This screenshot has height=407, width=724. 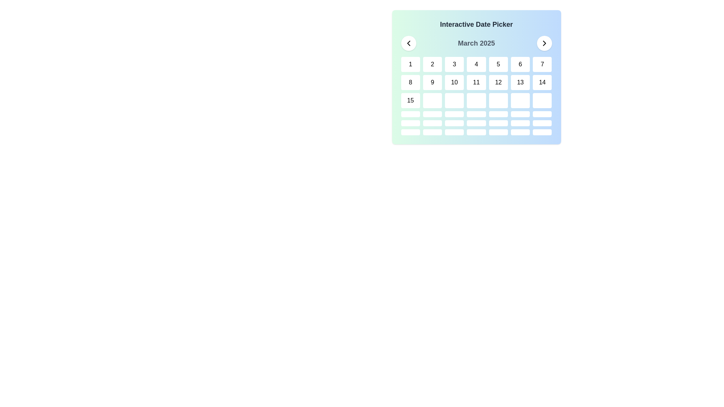 What do you see at coordinates (410, 123) in the screenshot?
I see `the white rounded corner button located in the 5th row and 1st column of the grid in the 'Interactive Date Picker' for March 2025` at bounding box center [410, 123].